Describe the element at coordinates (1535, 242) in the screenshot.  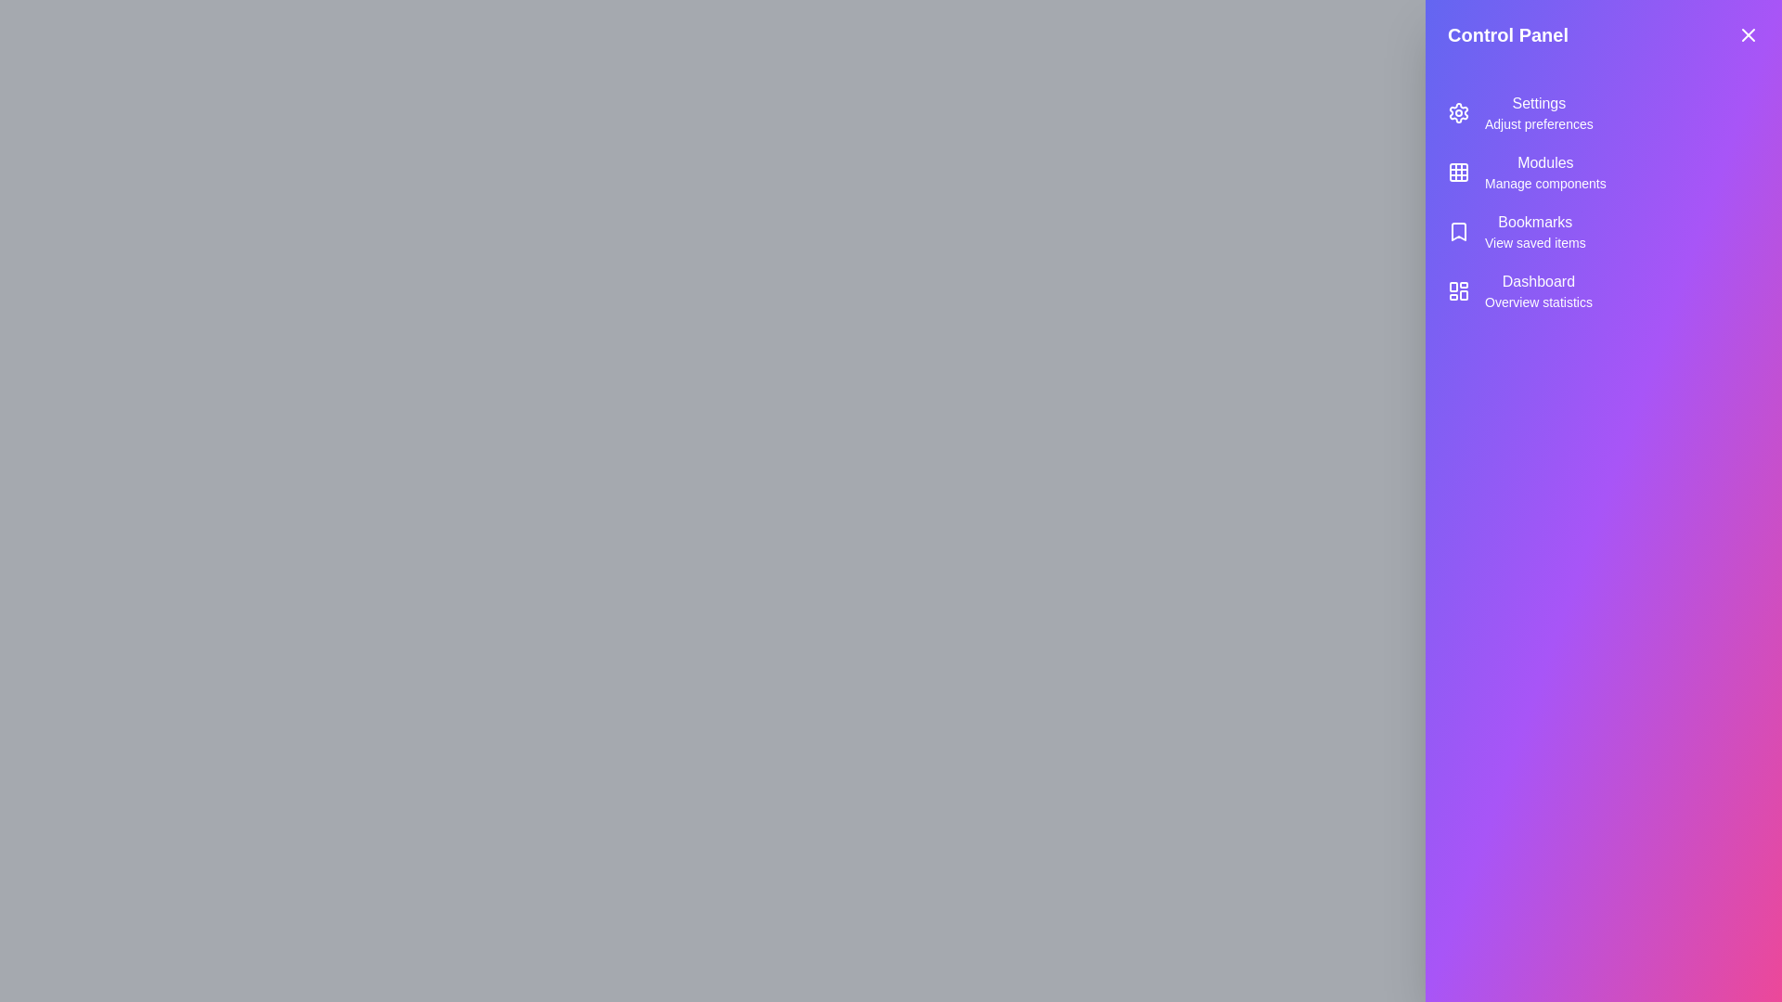
I see `the 'View saved items' text label within the Control Panel menu to trigger additional effects` at that location.